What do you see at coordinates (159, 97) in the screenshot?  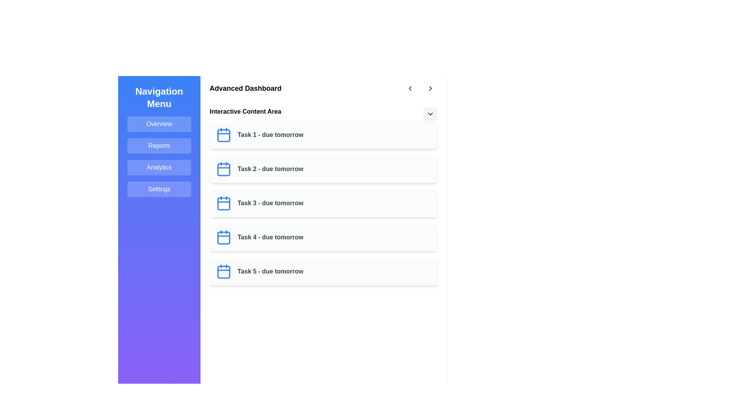 I see `the static text label serving as the title for the navigation menu in the sidebar` at bounding box center [159, 97].